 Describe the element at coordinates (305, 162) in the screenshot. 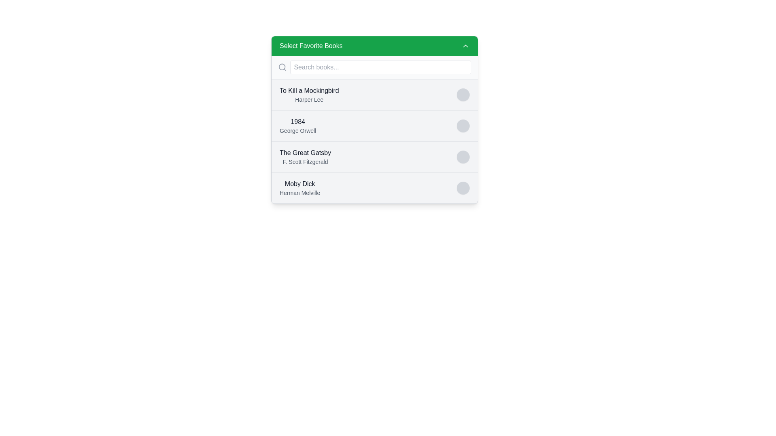

I see `the text label that reads 'F. Scott Fitzgerald', which is located directly below the title 'The Great Gatsby' in the book selection interface` at that location.